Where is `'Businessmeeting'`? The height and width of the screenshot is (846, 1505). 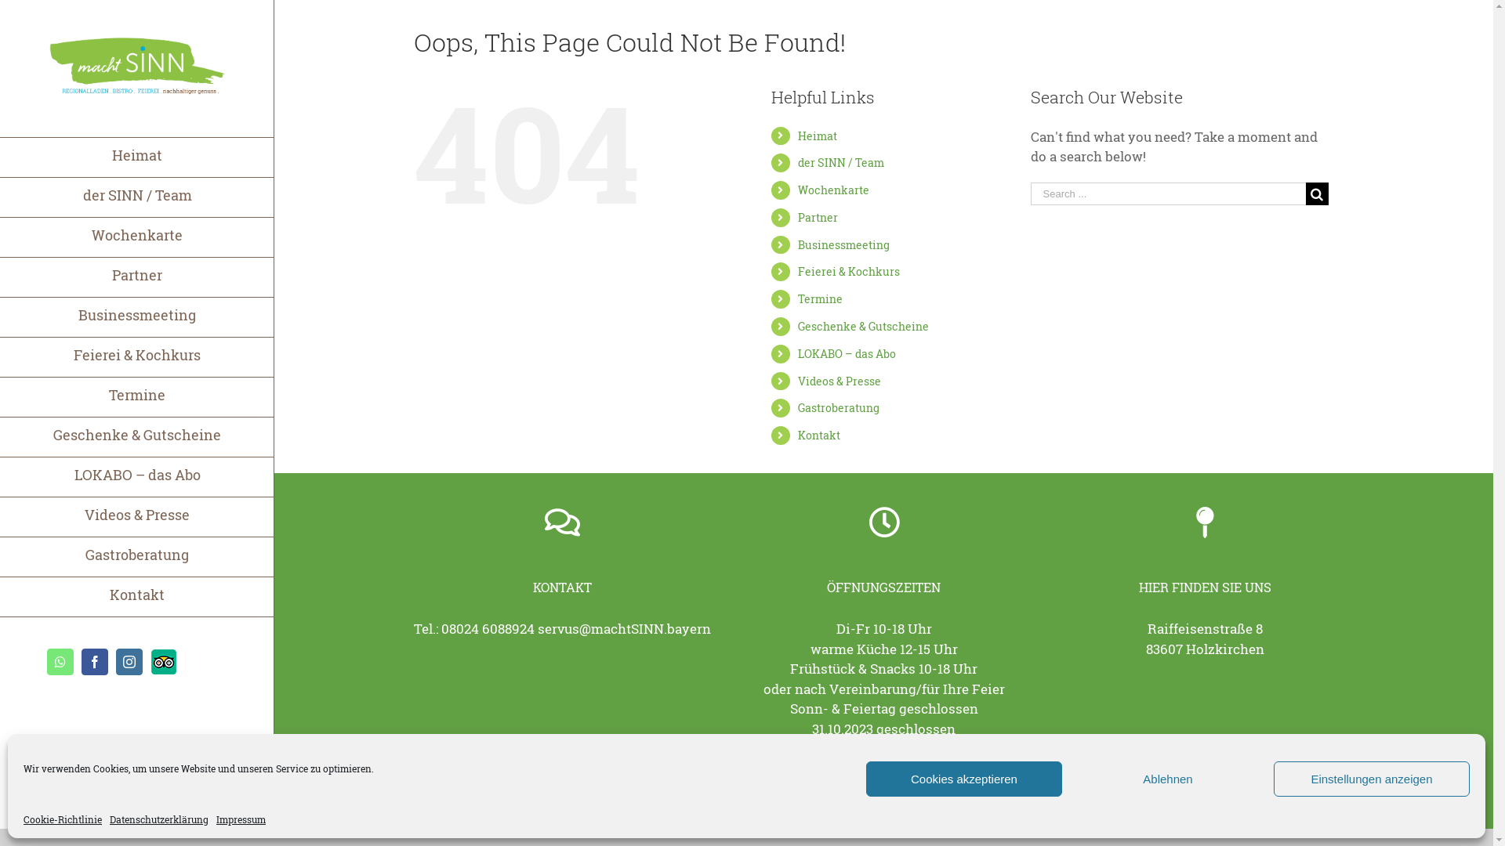 'Businessmeeting' is located at coordinates (136, 317).